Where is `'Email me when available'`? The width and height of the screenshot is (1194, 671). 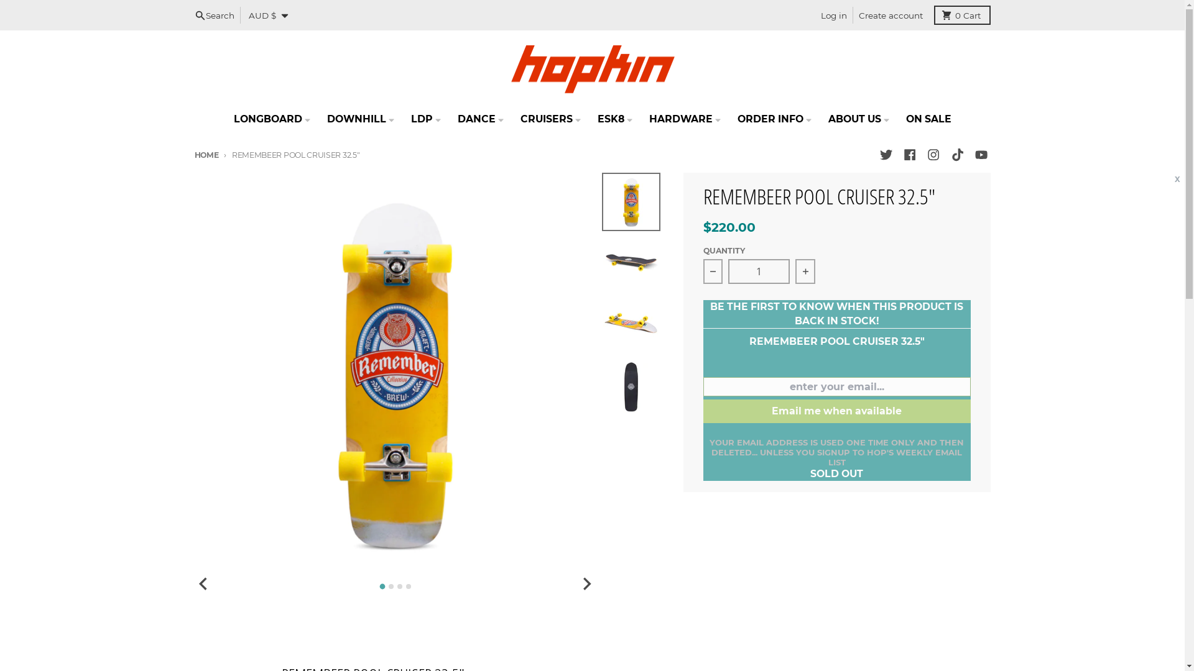 'Email me when available' is located at coordinates (703, 411).